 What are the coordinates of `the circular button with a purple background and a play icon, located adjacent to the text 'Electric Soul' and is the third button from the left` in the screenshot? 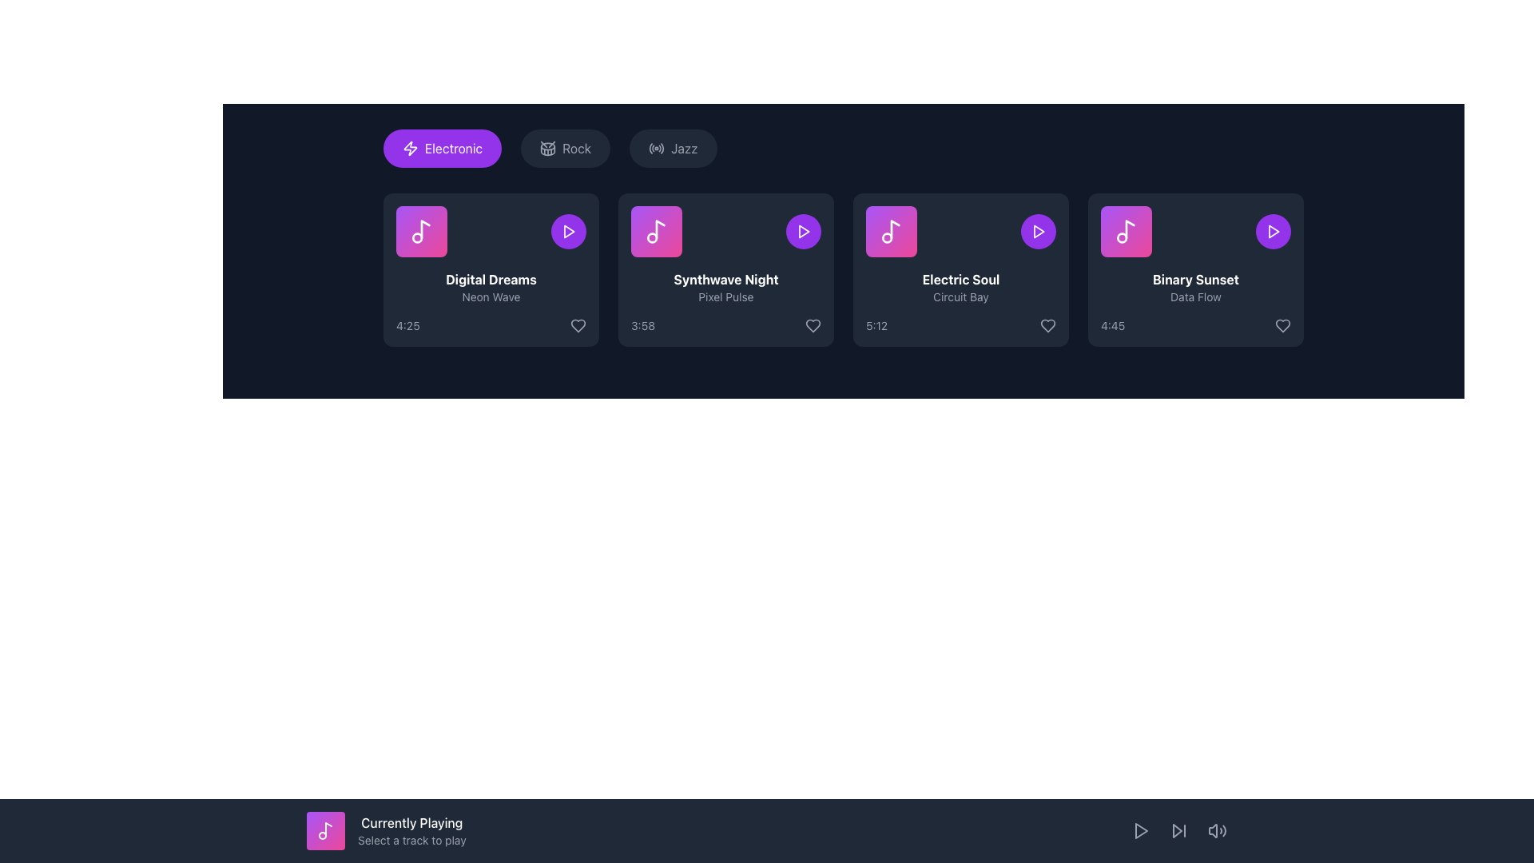 It's located at (1039, 231).